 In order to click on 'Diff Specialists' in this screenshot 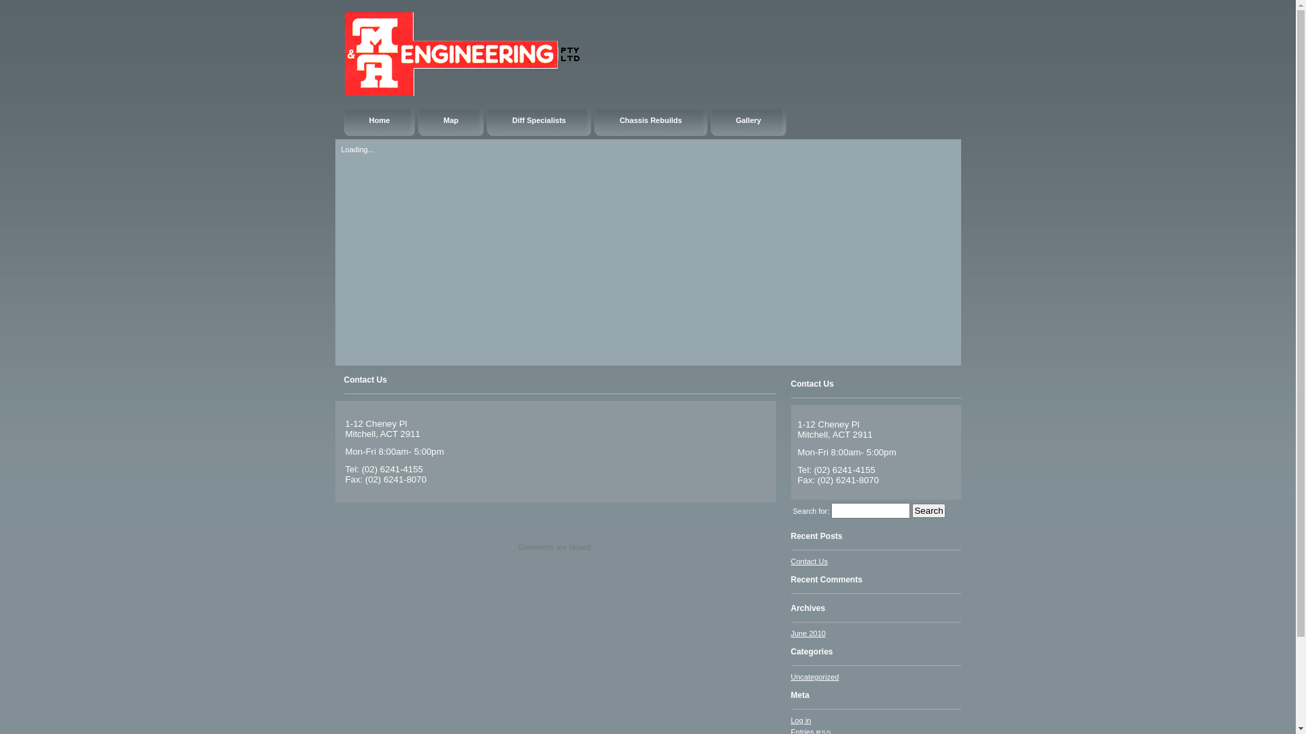, I will do `click(486, 122)`.